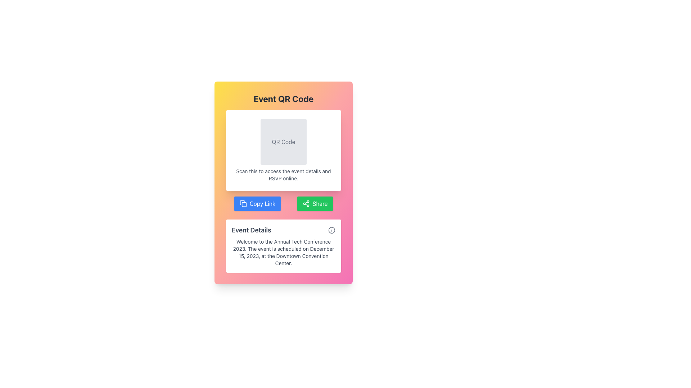 This screenshot has width=691, height=388. Describe the element at coordinates (283, 175) in the screenshot. I see `informational Text label located centered horizontally below the QR code representation` at that location.